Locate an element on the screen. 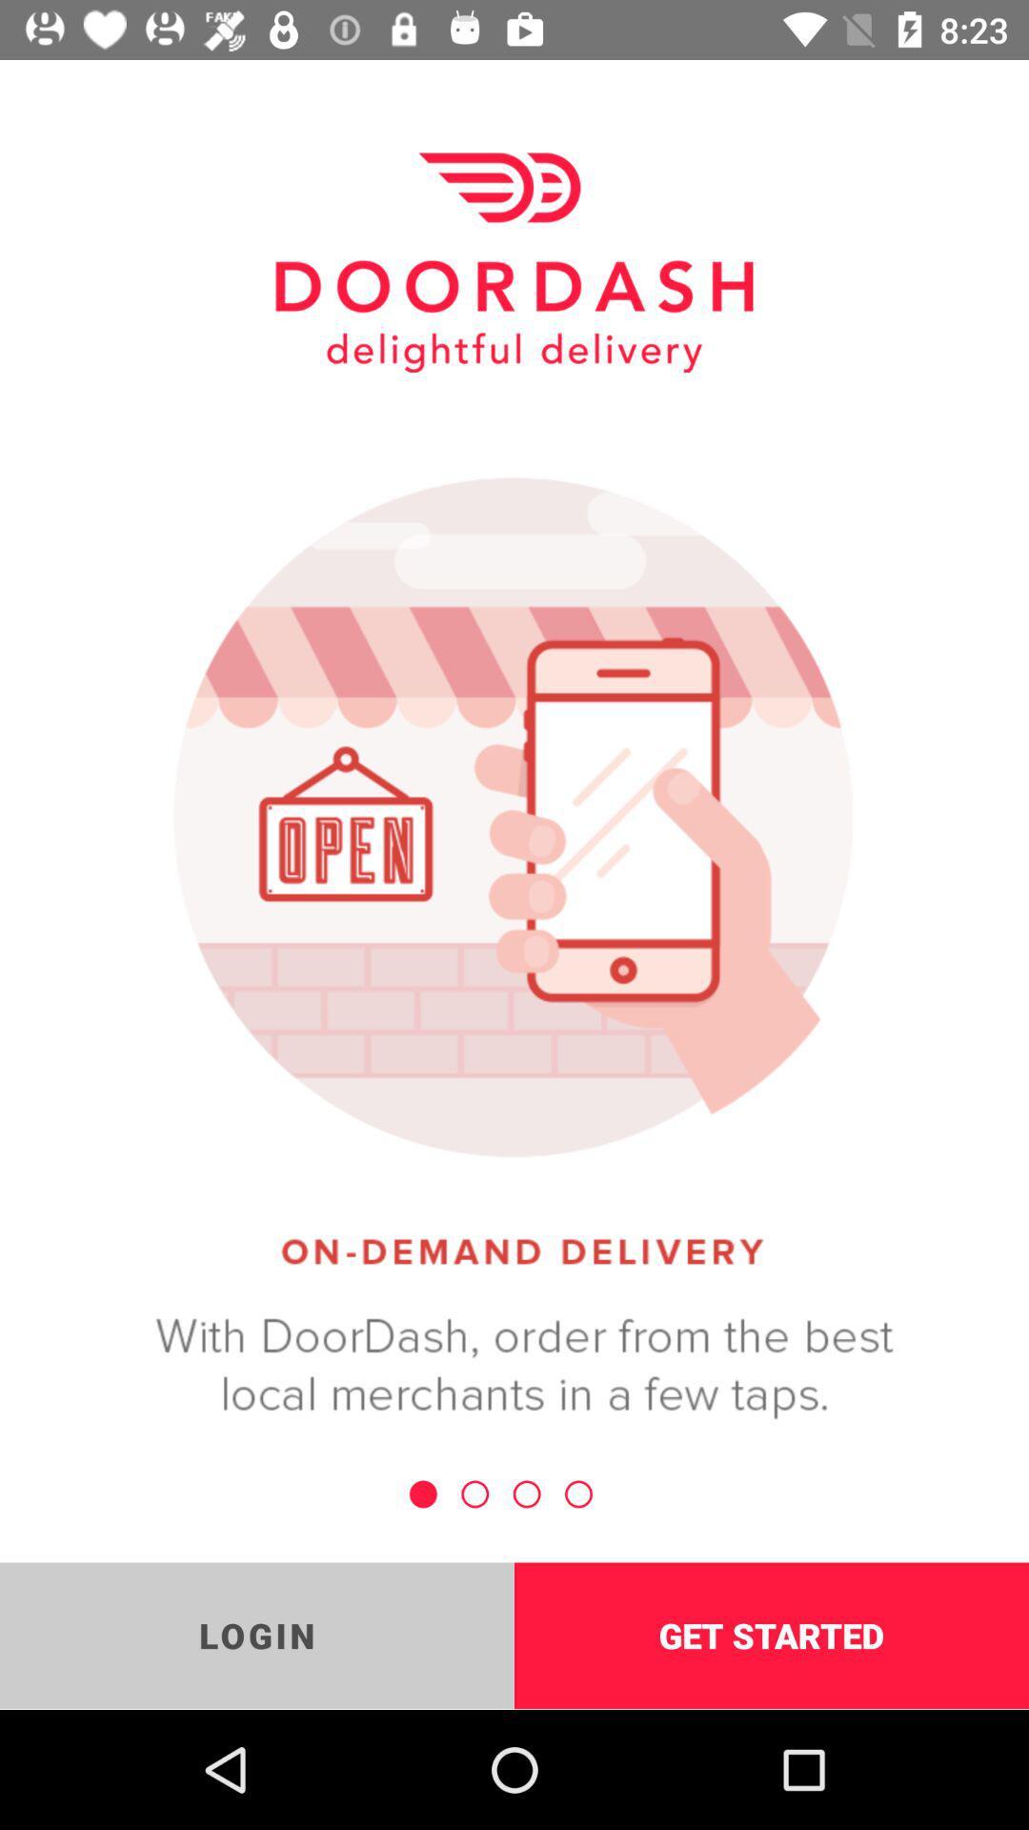 This screenshot has width=1029, height=1830. item next to get started is located at coordinates (257, 1635).